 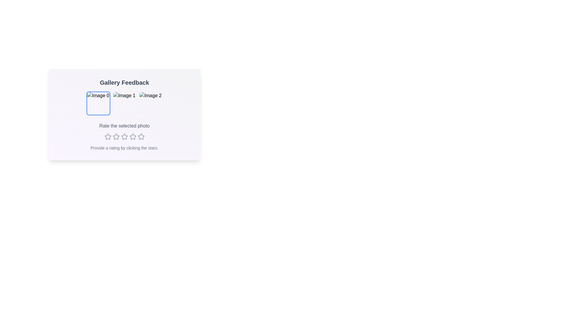 I want to click on the fifth star in the horizontal row of rating stars, which has a gray outline and no fill, to rate the selected photo, so click(x=132, y=136).